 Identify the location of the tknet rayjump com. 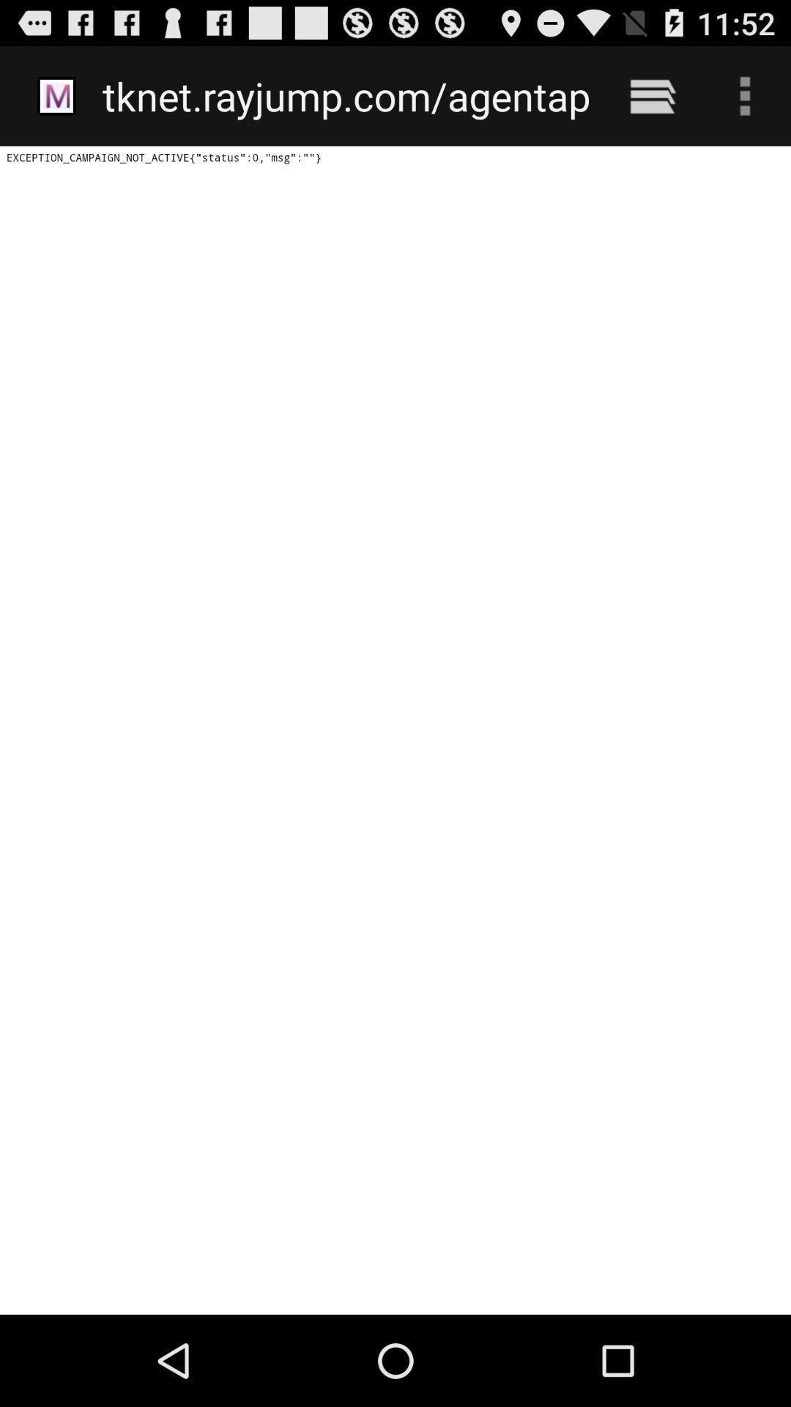
(346, 95).